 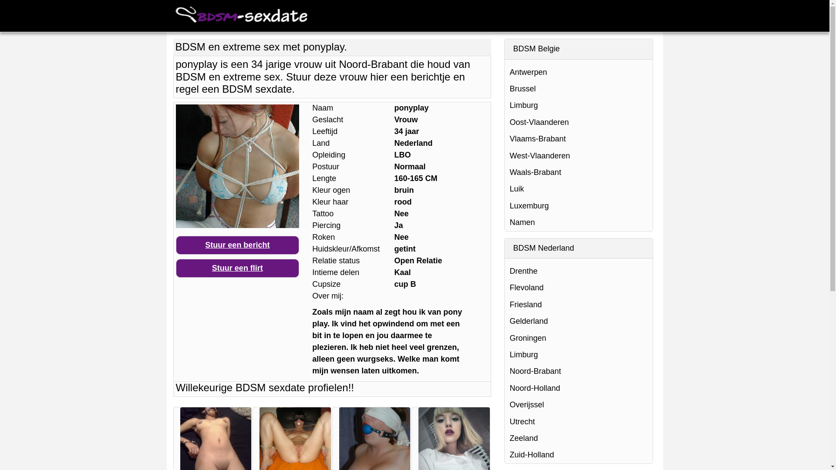 What do you see at coordinates (504, 404) in the screenshot?
I see `'Overijssel'` at bounding box center [504, 404].